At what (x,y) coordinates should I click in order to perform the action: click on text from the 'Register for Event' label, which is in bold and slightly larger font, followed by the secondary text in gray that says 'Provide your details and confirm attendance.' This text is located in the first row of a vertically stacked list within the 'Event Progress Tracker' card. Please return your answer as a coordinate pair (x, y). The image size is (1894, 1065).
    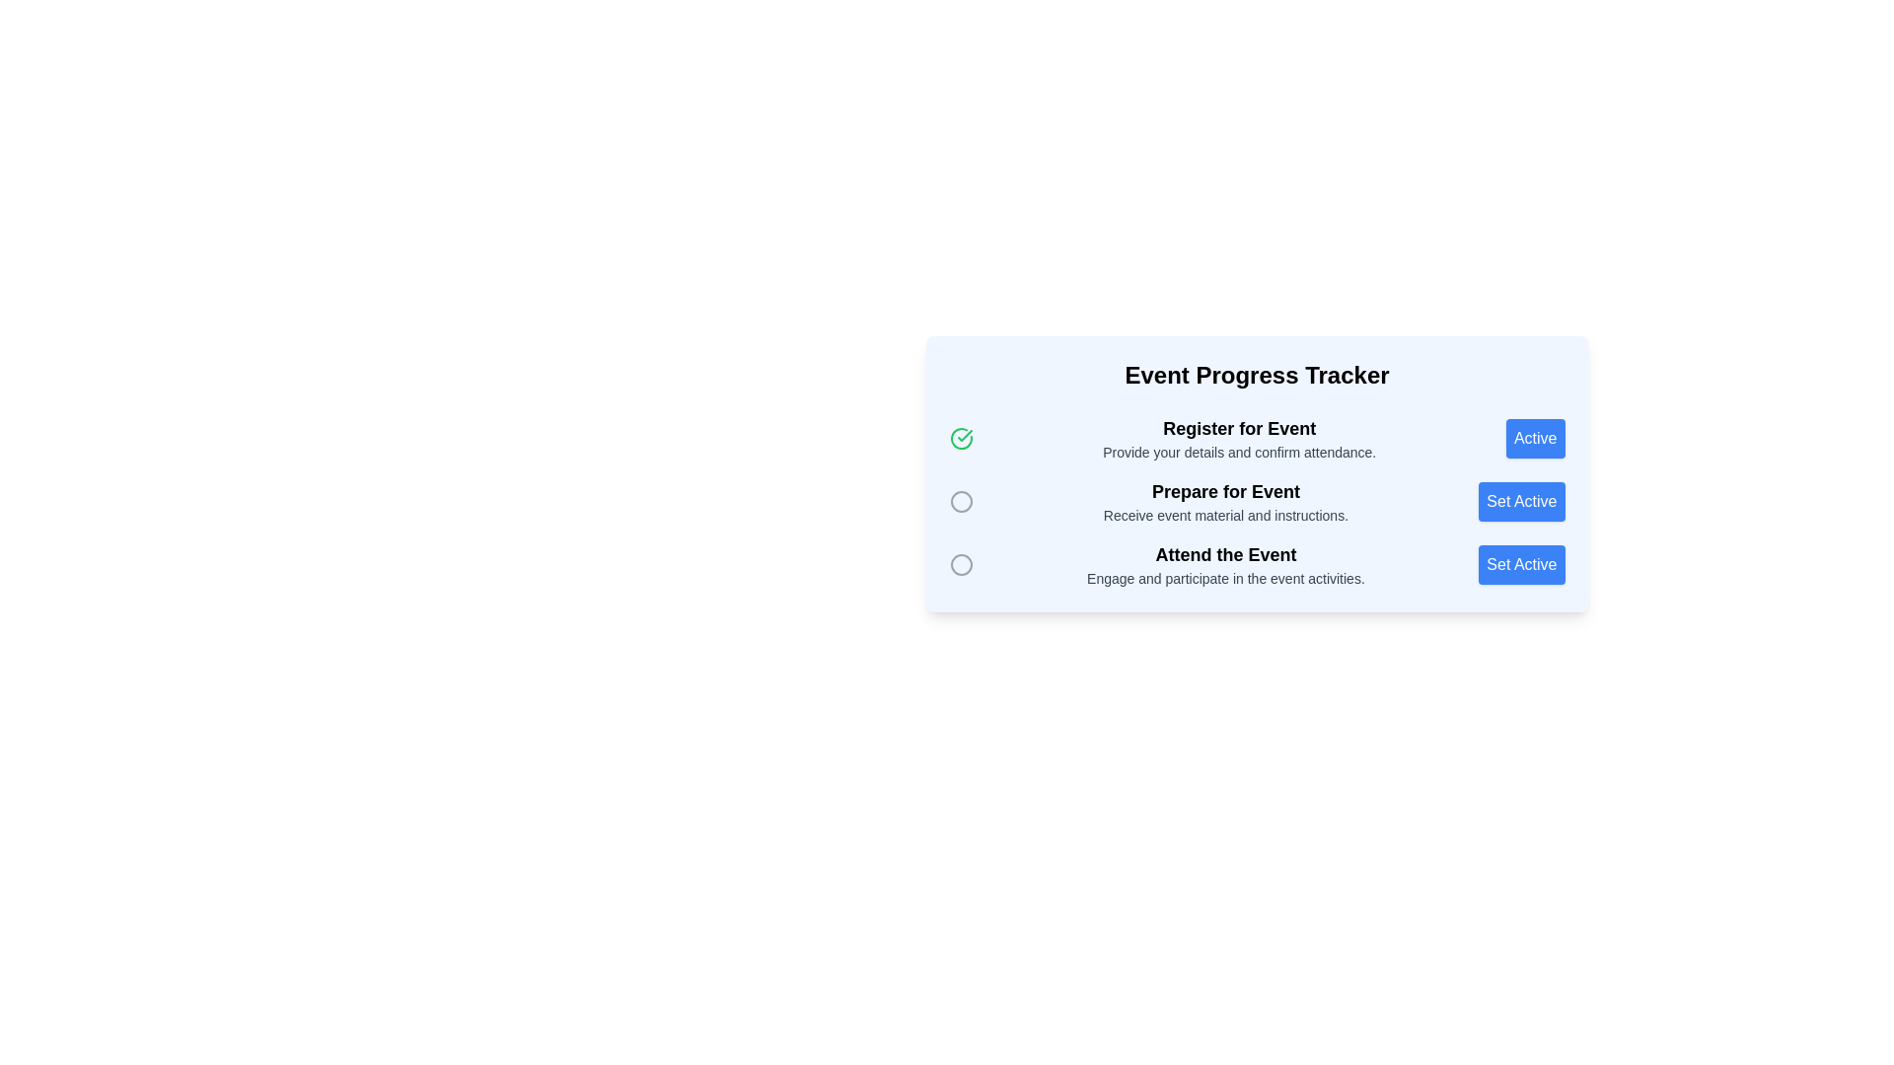
    Looking at the image, I should click on (1238, 437).